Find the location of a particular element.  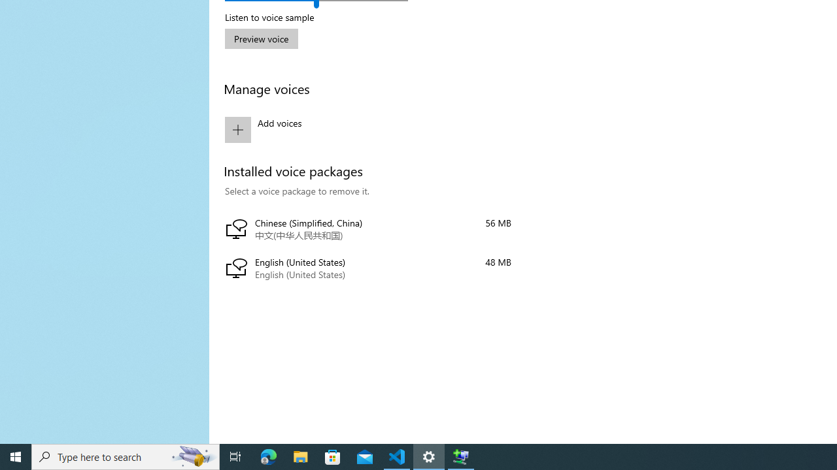

'File Explorer' is located at coordinates (300, 456).